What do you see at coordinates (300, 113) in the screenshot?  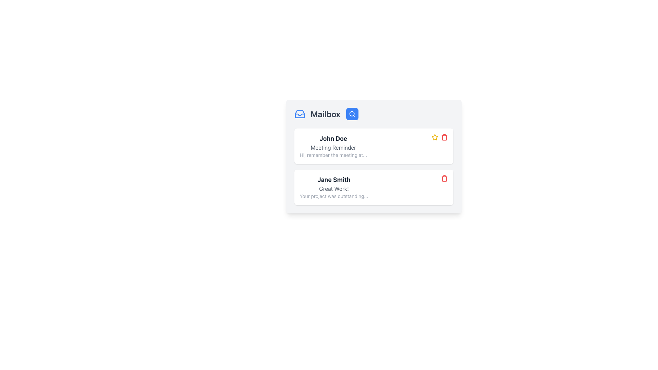 I see `the mailbox graphical icon located in the header section to the left of the title 'Mailbox'` at bounding box center [300, 113].